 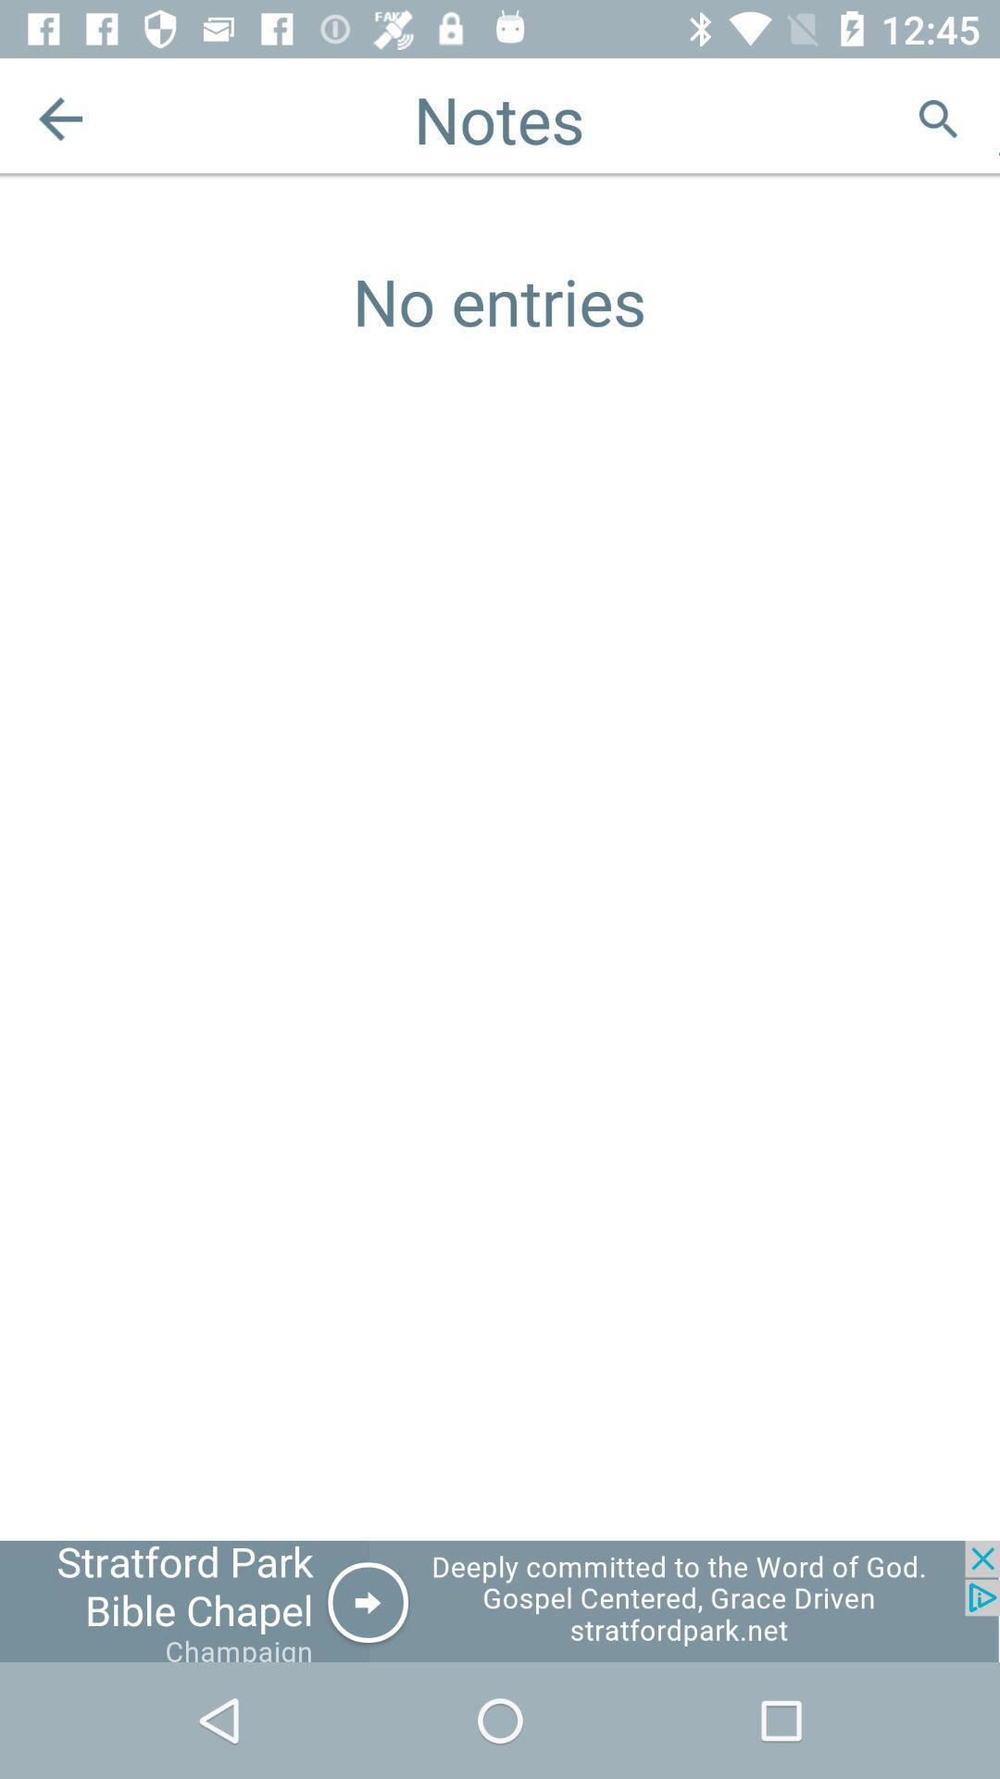 What do you see at coordinates (500, 1600) in the screenshot?
I see `click on advertisement` at bounding box center [500, 1600].